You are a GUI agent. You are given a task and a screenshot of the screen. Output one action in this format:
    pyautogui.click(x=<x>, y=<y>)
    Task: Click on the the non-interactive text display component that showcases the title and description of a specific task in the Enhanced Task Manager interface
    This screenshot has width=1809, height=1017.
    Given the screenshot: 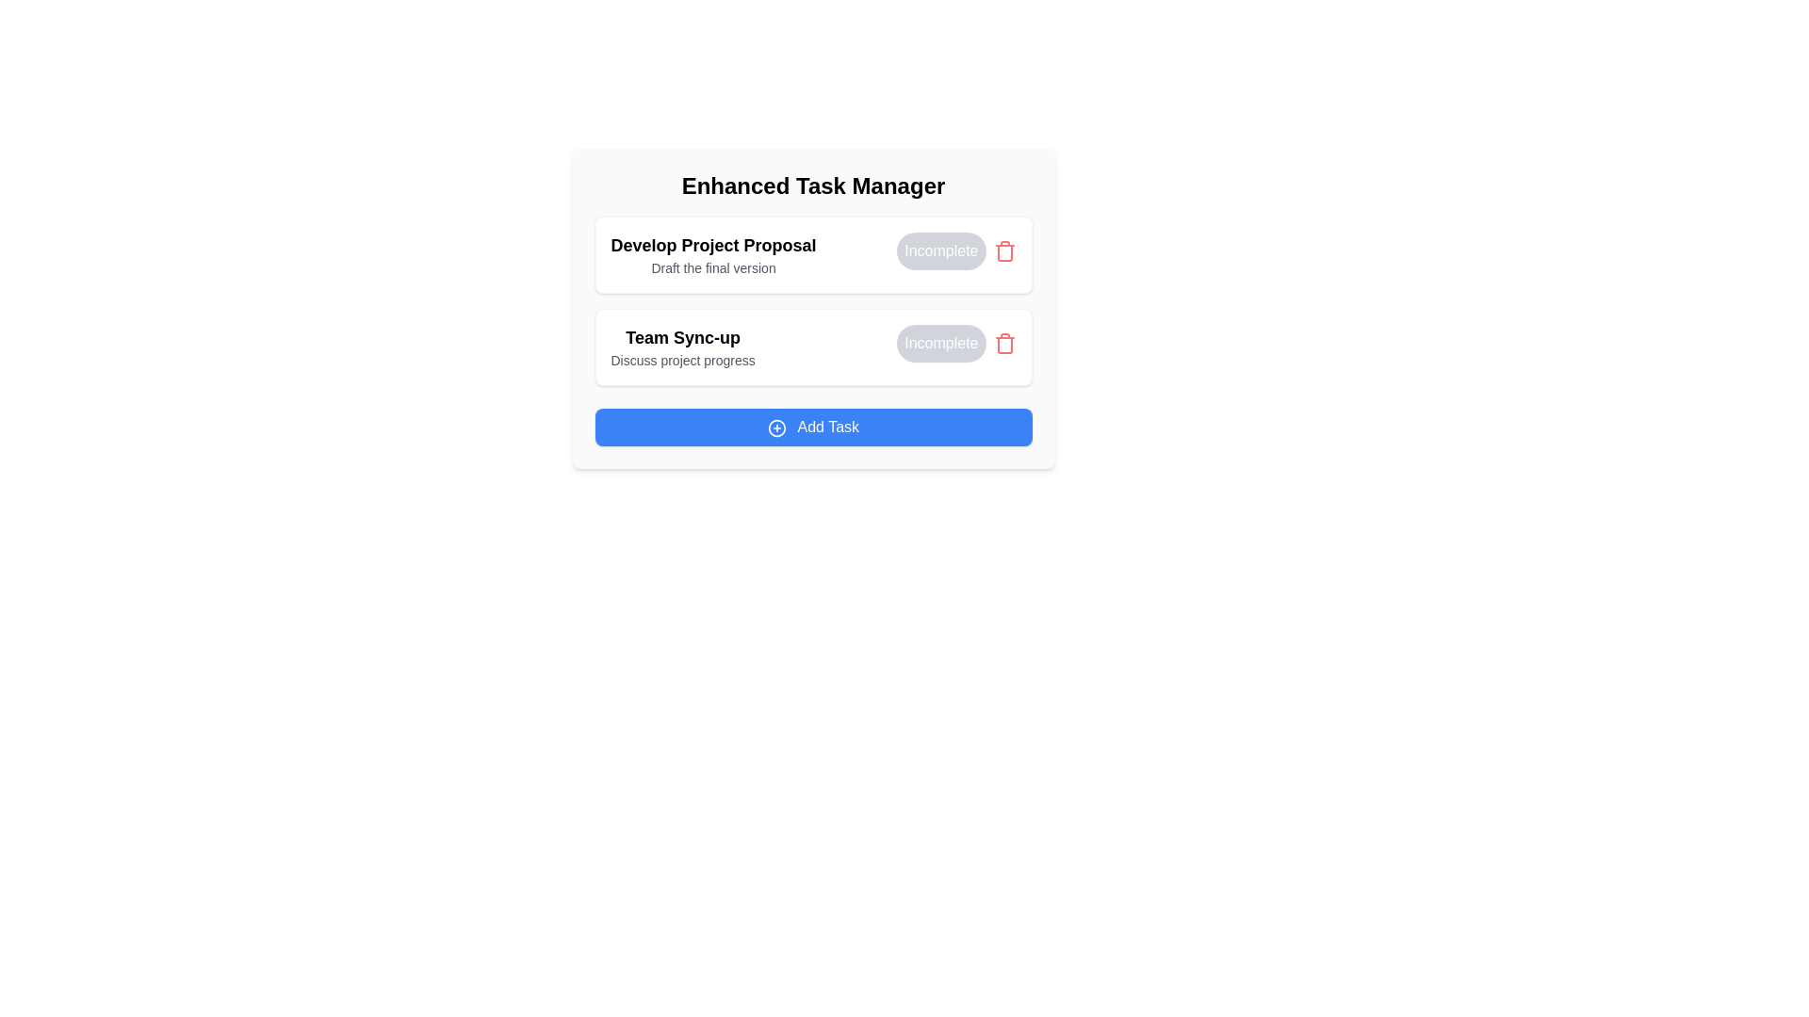 What is the action you would take?
    pyautogui.click(x=712, y=254)
    